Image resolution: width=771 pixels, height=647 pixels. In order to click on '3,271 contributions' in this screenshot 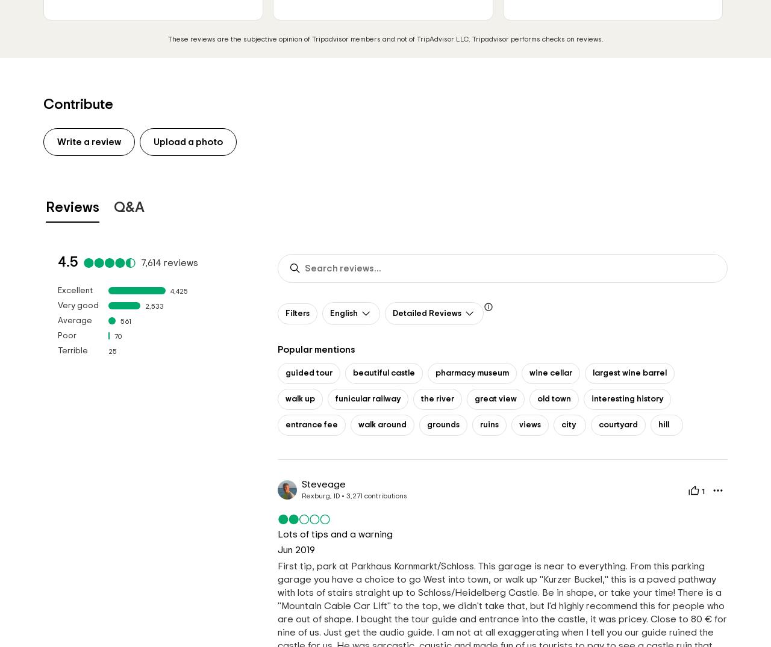, I will do `click(376, 495)`.